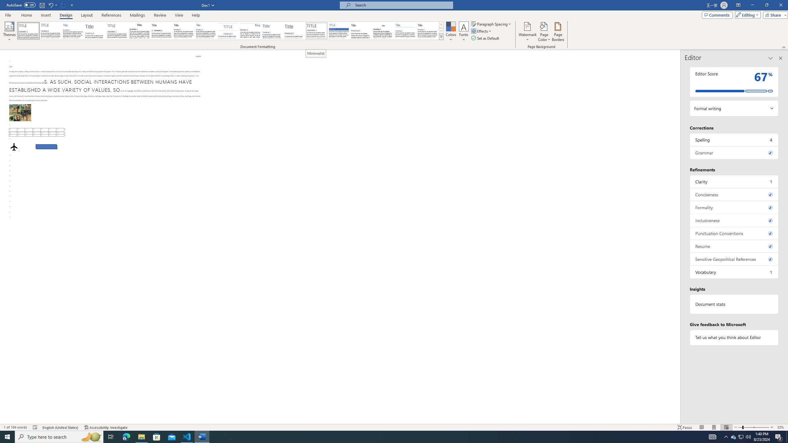  What do you see at coordinates (734, 207) in the screenshot?
I see `'Formality, 0 issues. Press space or enter to review items.'` at bounding box center [734, 207].